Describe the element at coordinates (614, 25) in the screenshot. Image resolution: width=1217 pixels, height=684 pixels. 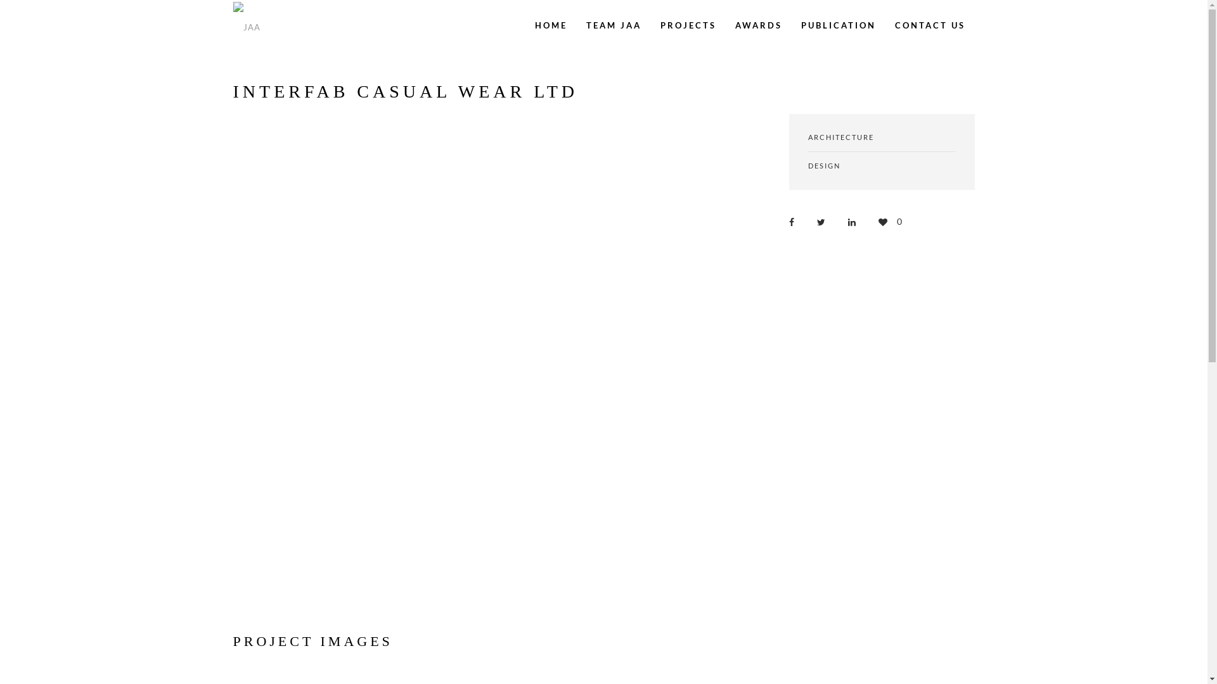
I see `'TEAM JAA'` at that location.